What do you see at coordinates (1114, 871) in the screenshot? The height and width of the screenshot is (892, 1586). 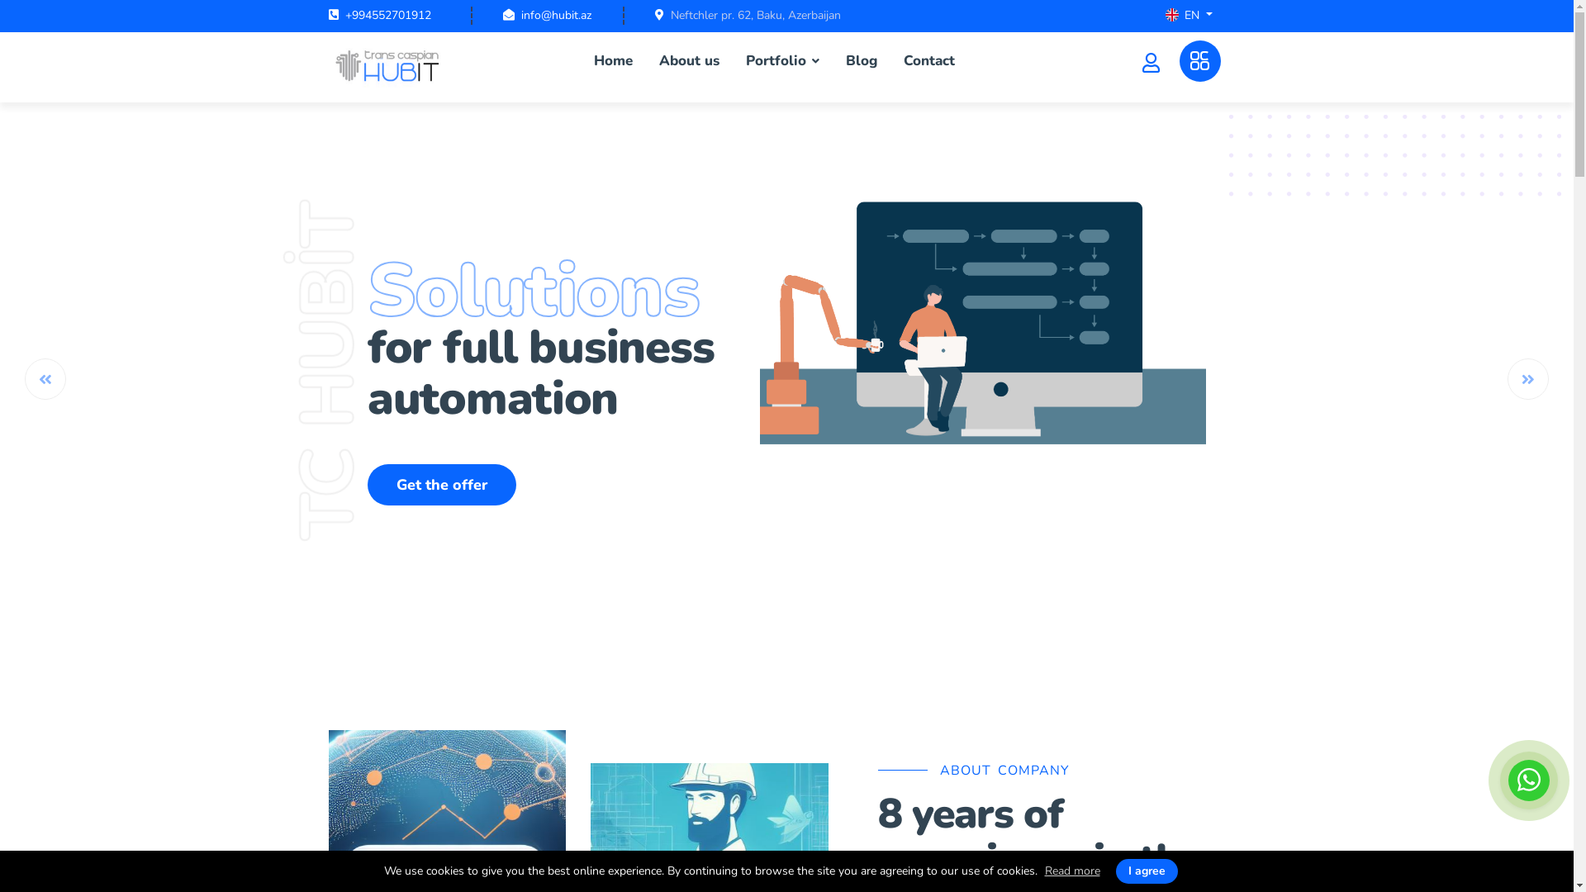 I see `'I agree'` at bounding box center [1114, 871].